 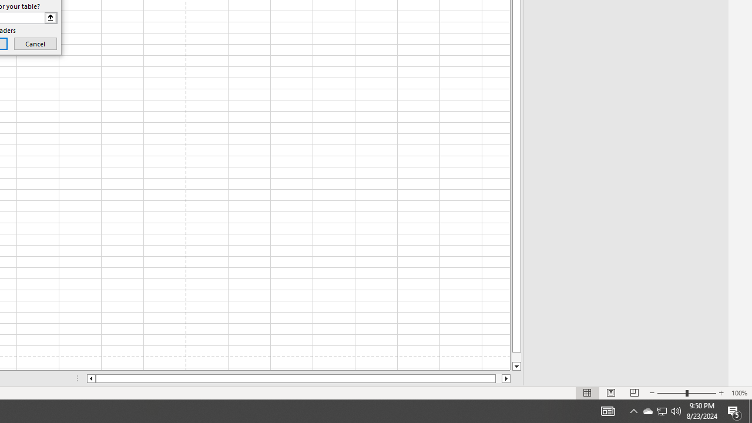 What do you see at coordinates (90, 378) in the screenshot?
I see `'Column left'` at bounding box center [90, 378].